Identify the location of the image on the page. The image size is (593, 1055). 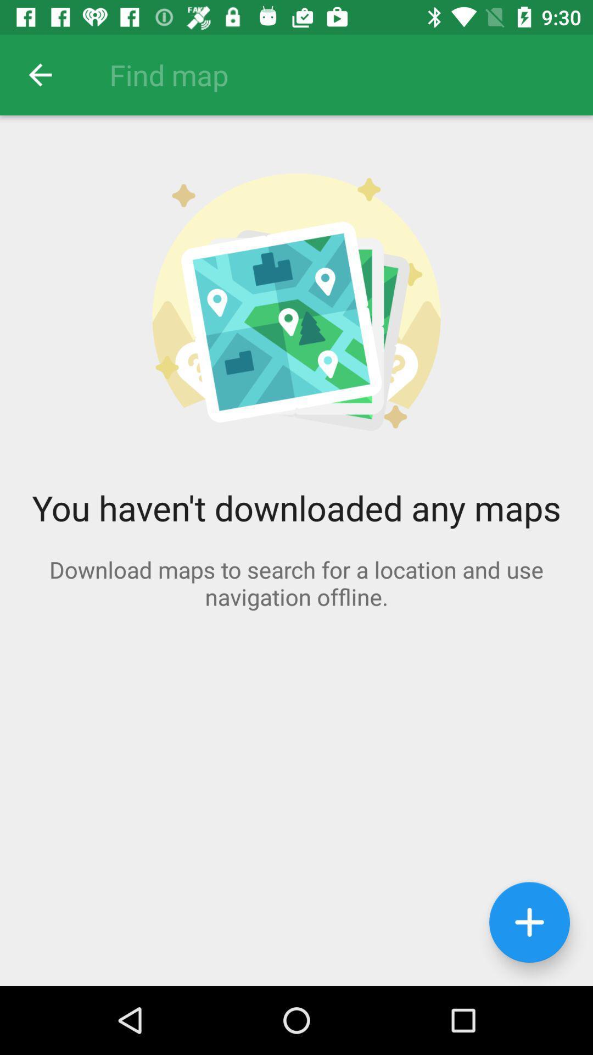
(296, 306).